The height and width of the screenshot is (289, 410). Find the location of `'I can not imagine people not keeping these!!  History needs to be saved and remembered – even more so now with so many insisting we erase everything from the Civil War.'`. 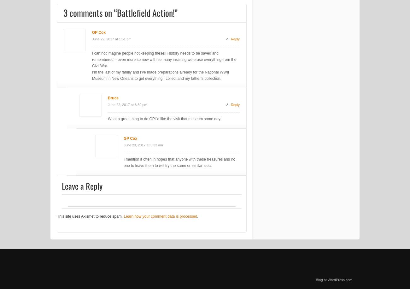

'I can not imagine people not keeping these!!  History needs to be saved and remembered – even more so now with so many insisting we erase everything from the Civil War.' is located at coordinates (92, 59).